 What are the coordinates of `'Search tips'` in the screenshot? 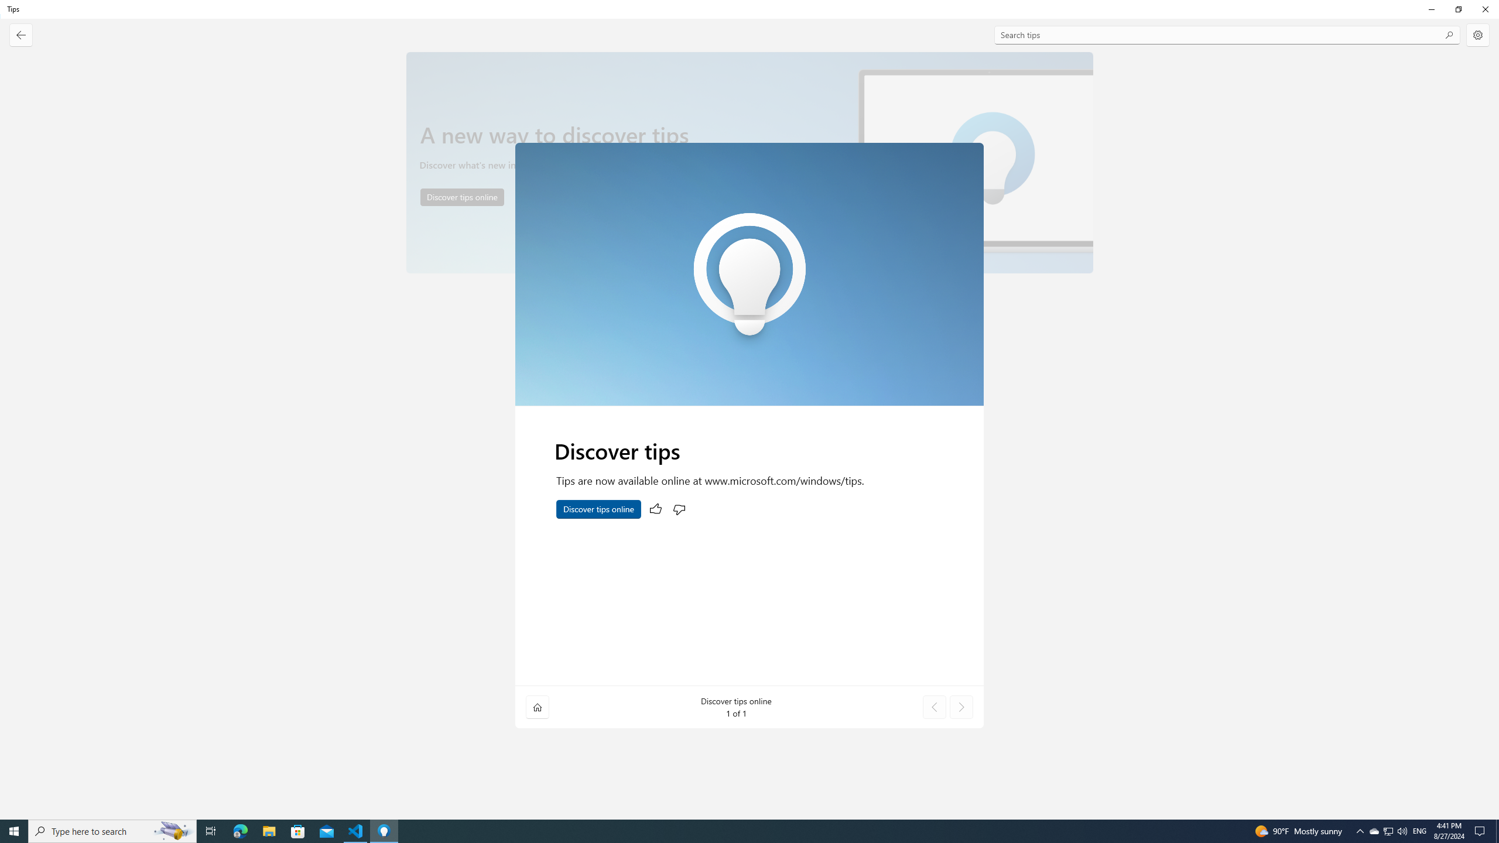 It's located at (1227, 35).